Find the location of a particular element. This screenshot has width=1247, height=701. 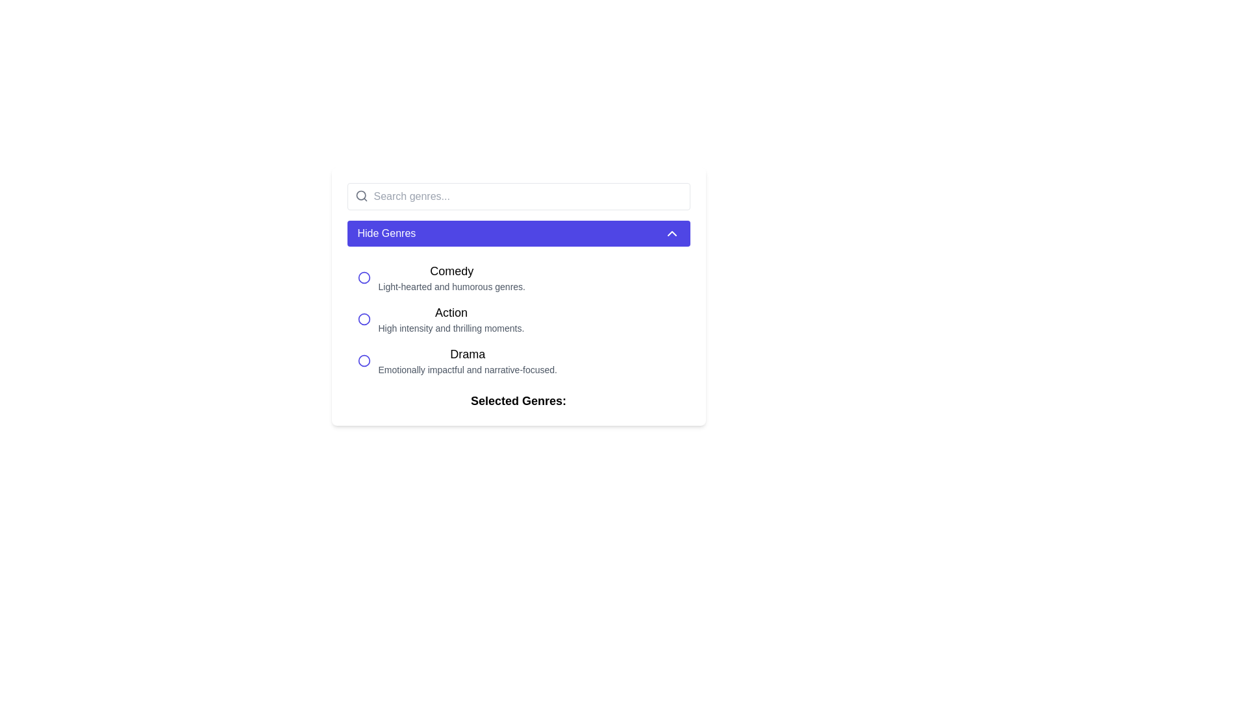

the selectable 'Drama' genre text block, which is the third item in the vertical list of genres is located at coordinates (468, 360).